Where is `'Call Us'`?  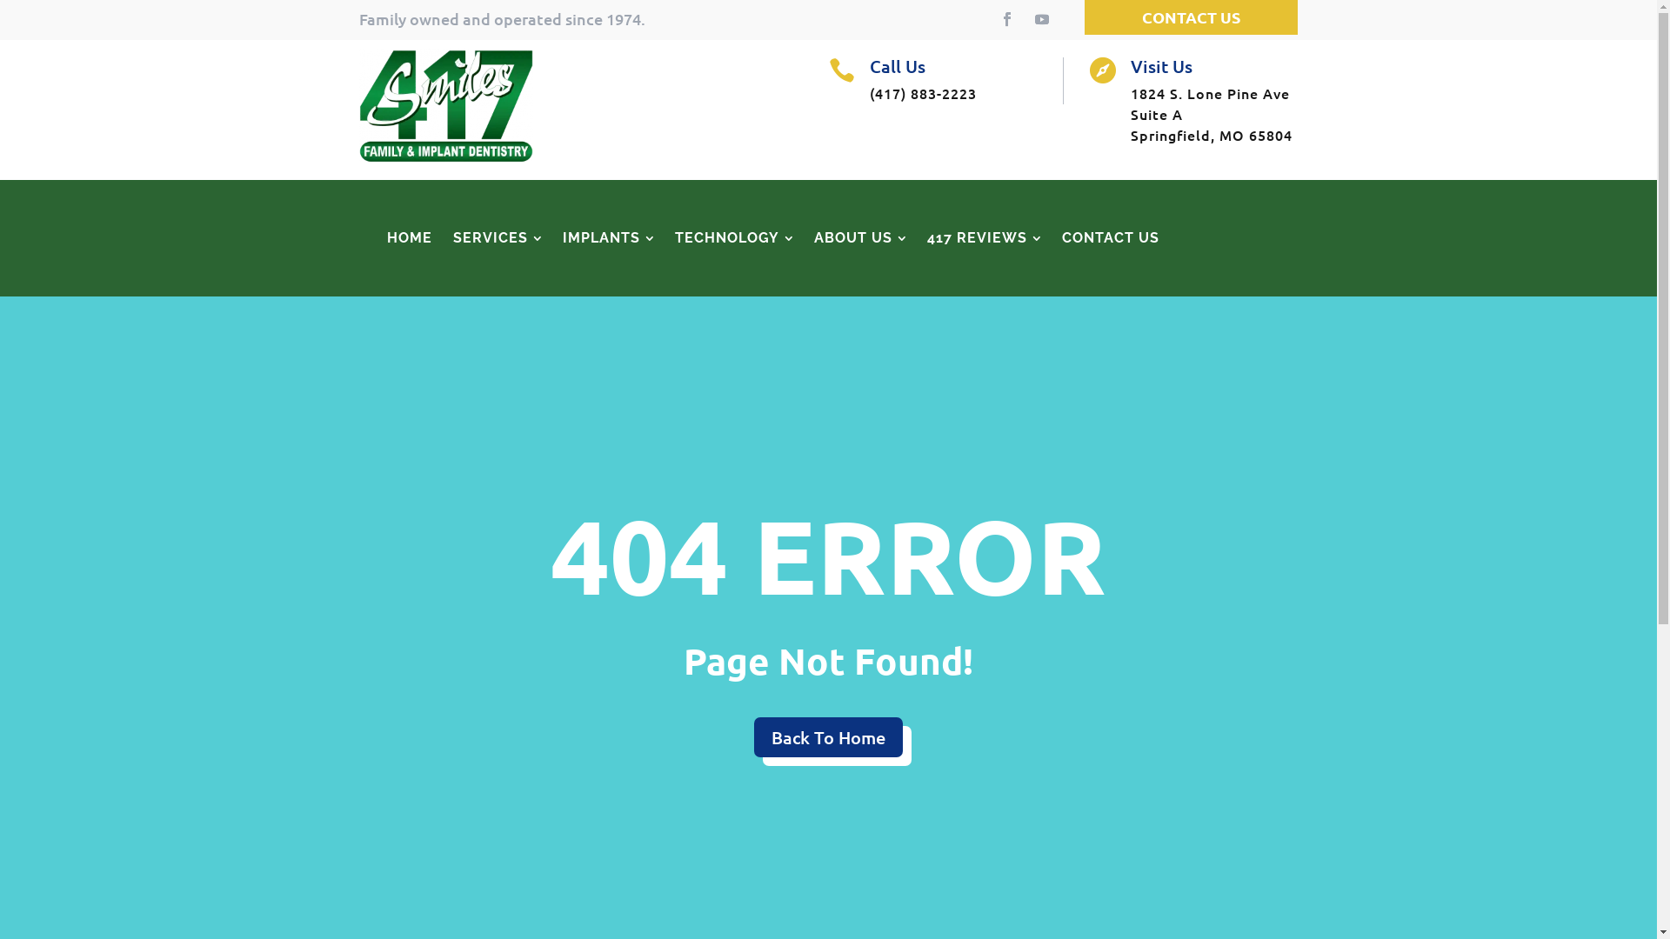 'Call Us' is located at coordinates (898, 65).